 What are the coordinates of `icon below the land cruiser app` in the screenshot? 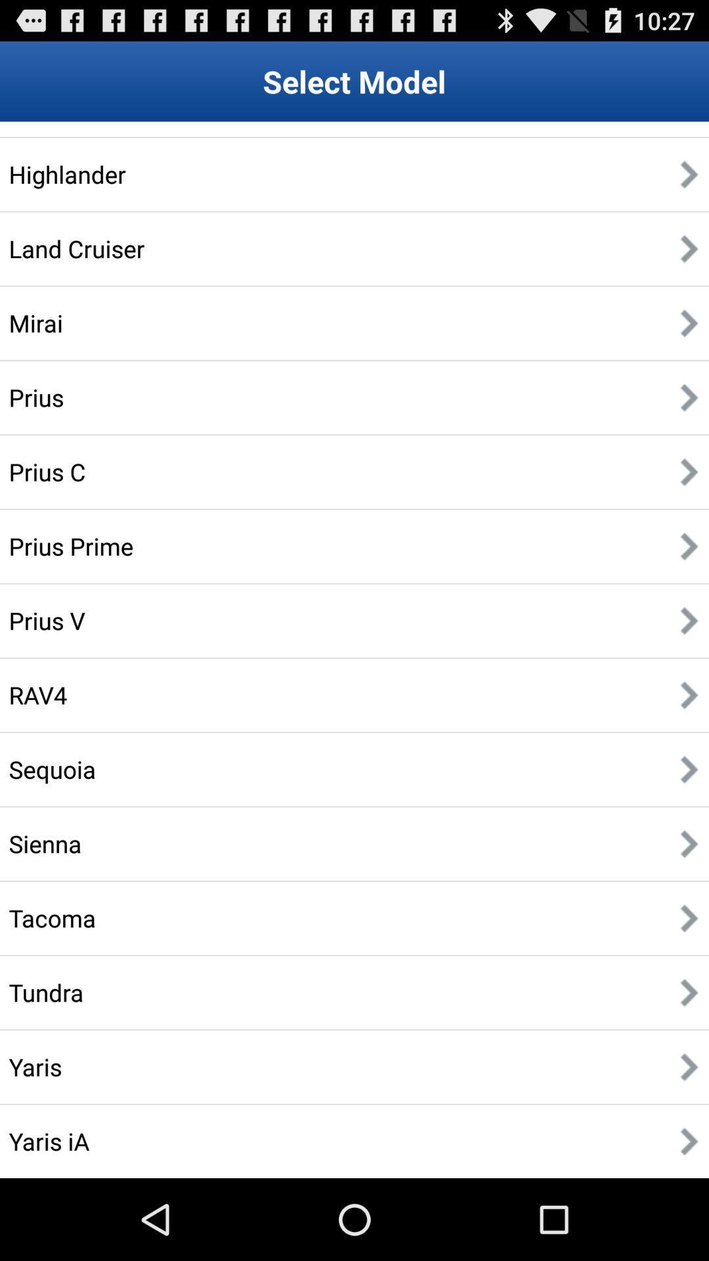 It's located at (35, 323).